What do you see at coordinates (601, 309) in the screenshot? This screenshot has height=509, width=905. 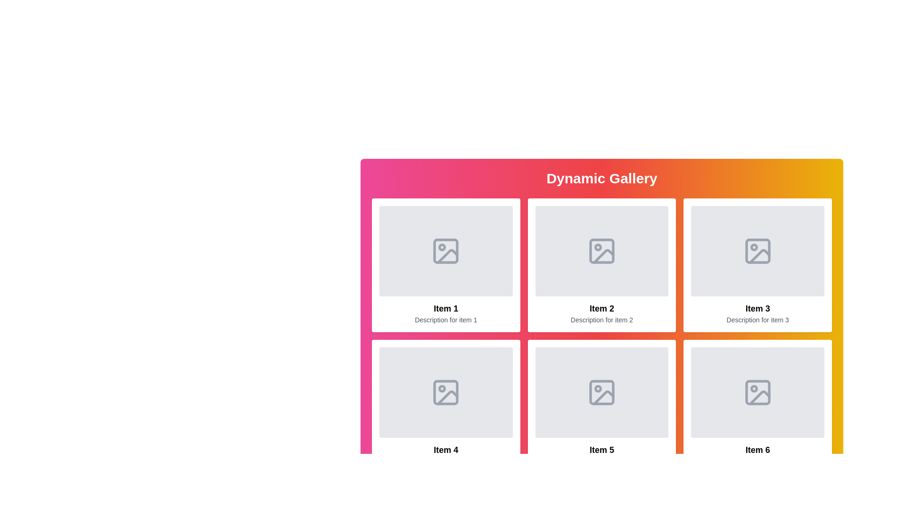 I see `the Text label that serves as the title for the second item in the 'Dynamic Gallery', located below the image placeholder and above the descriptive text` at bounding box center [601, 309].